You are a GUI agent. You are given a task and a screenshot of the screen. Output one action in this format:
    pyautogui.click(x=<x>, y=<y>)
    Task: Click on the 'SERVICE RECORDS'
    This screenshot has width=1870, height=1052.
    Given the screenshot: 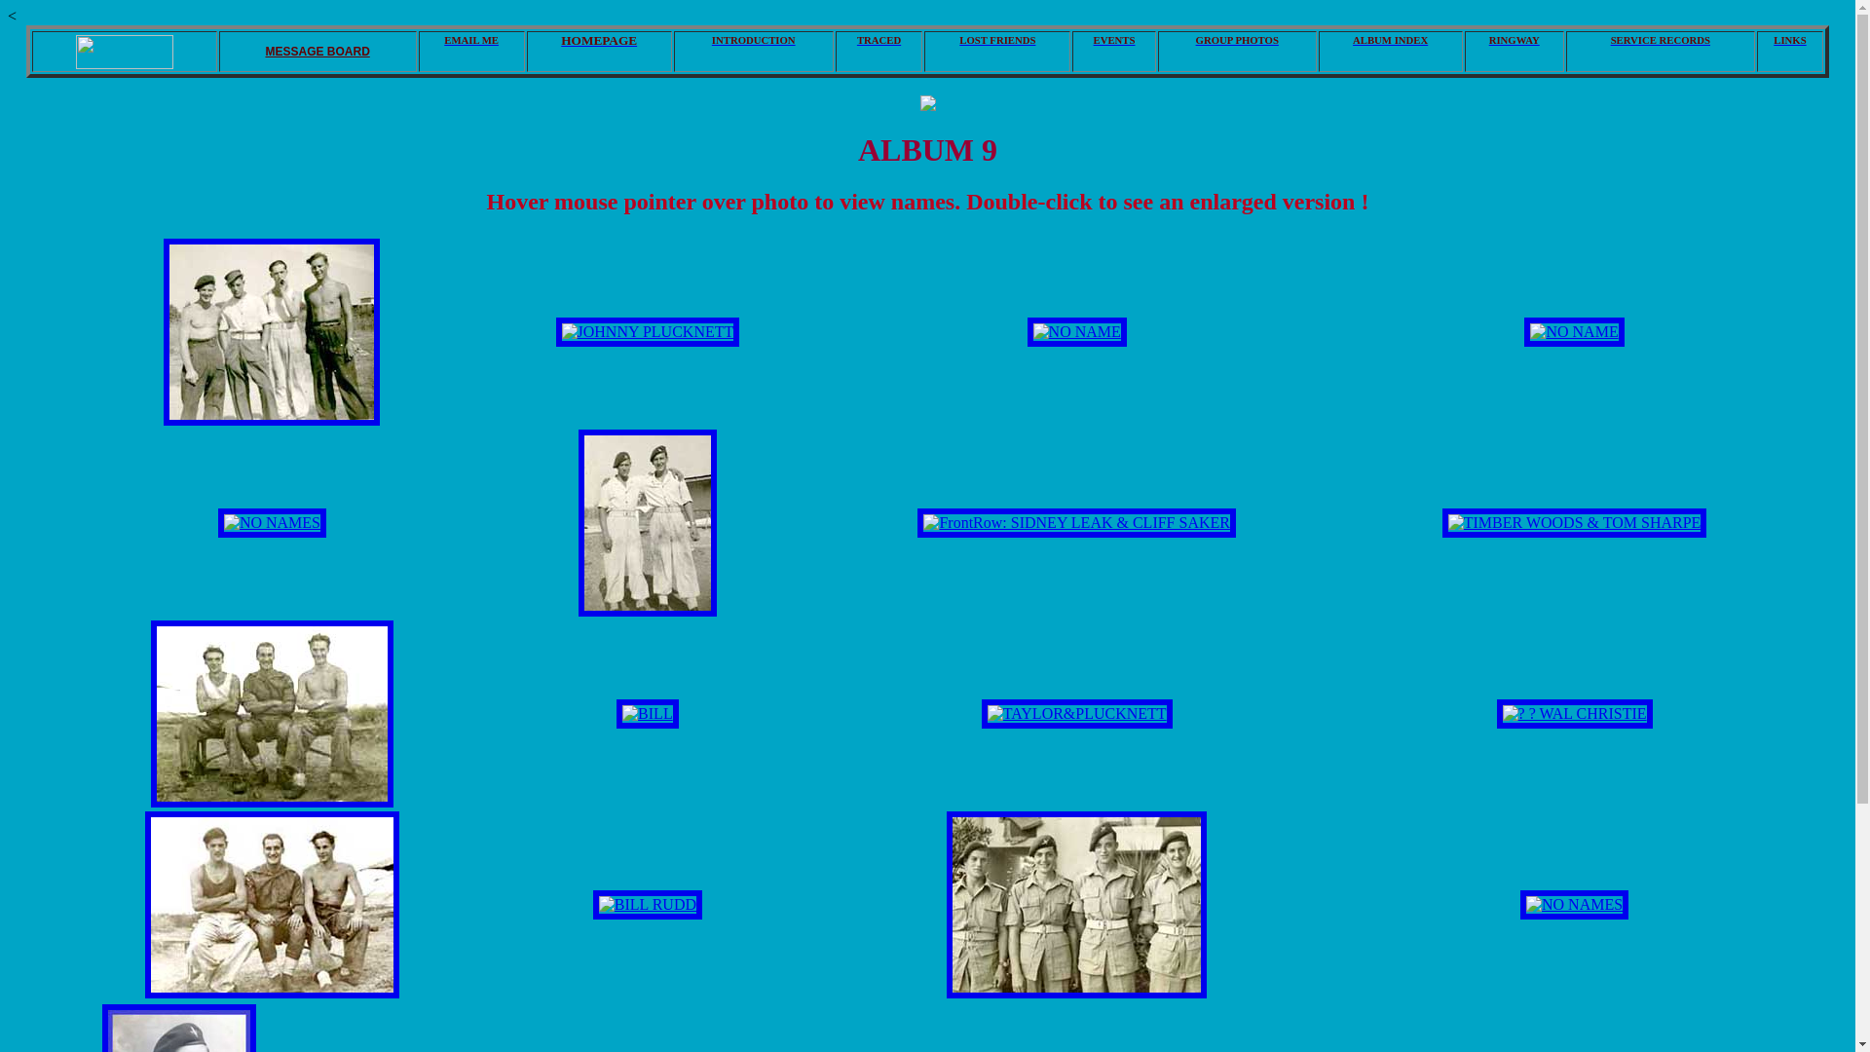 What is the action you would take?
    pyautogui.click(x=1659, y=40)
    